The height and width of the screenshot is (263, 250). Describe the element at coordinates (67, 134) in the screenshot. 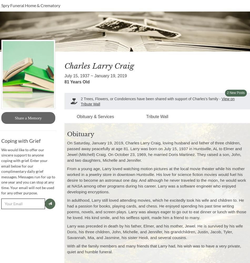

I see `'Obituary'` at that location.